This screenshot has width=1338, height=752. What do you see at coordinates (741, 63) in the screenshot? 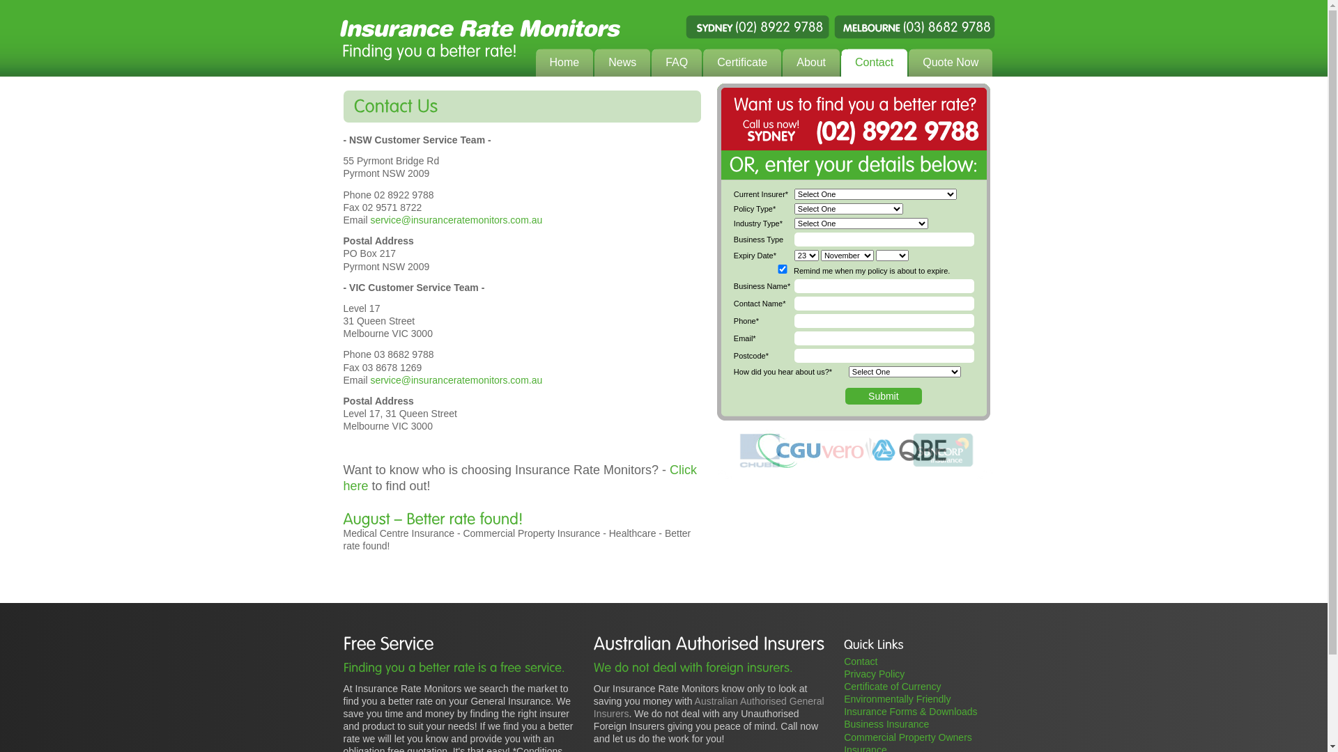
I see `'Certificate'` at bounding box center [741, 63].